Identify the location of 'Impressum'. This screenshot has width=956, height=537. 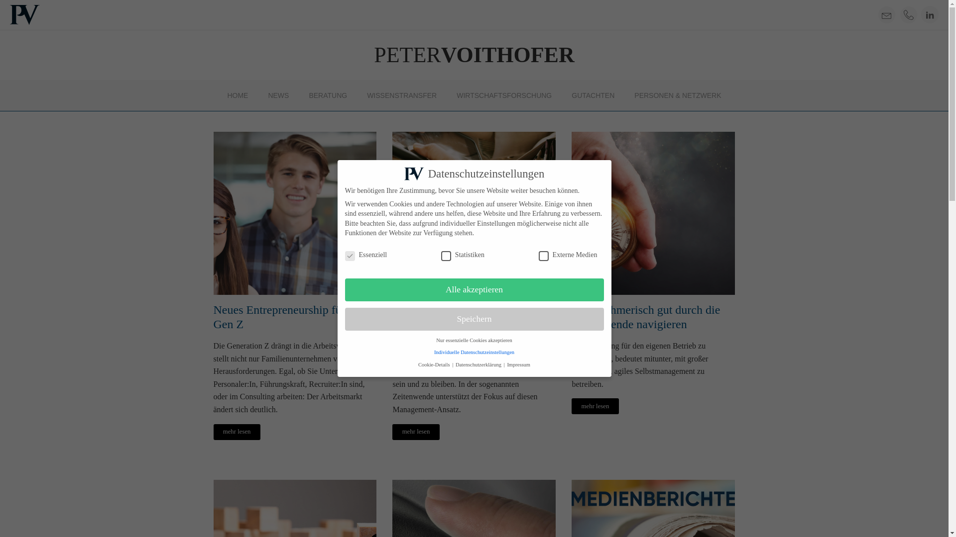
(518, 364).